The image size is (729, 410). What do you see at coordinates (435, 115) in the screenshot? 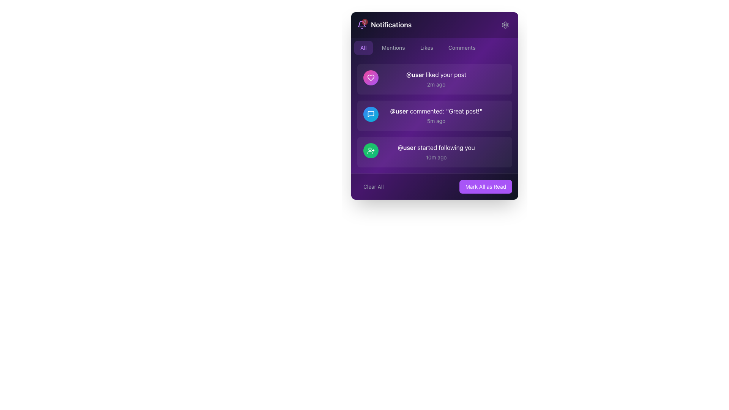
I see `the second notification in the list` at bounding box center [435, 115].